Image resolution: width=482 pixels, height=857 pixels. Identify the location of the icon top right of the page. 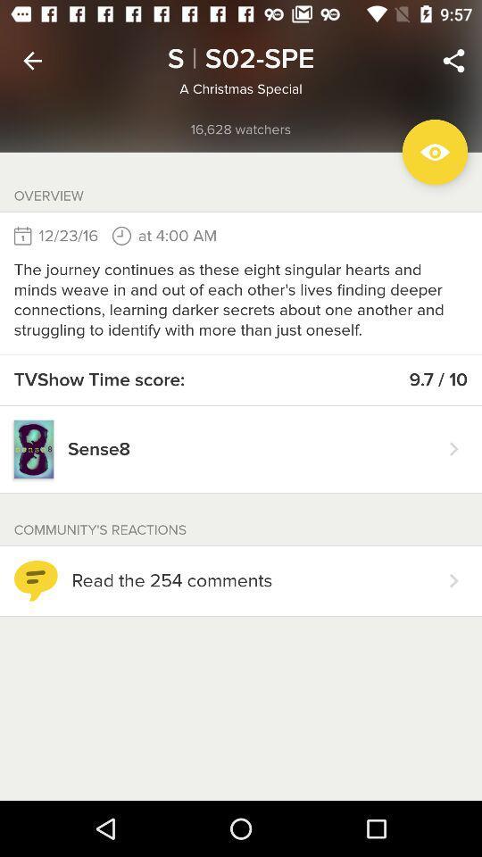
(453, 61).